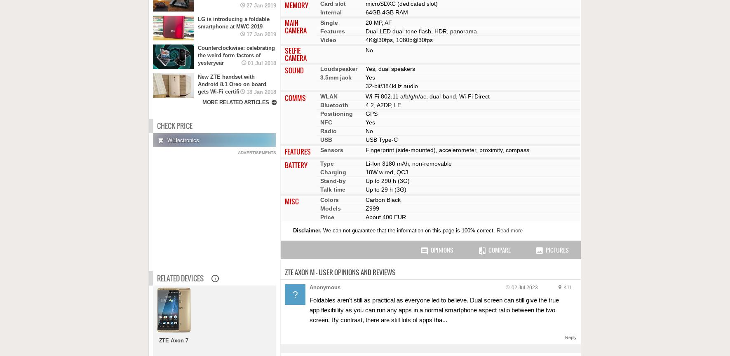  Describe the element at coordinates (321, 230) in the screenshot. I see `'We can not guarantee that the information on this page is 100% correct.'` at that location.